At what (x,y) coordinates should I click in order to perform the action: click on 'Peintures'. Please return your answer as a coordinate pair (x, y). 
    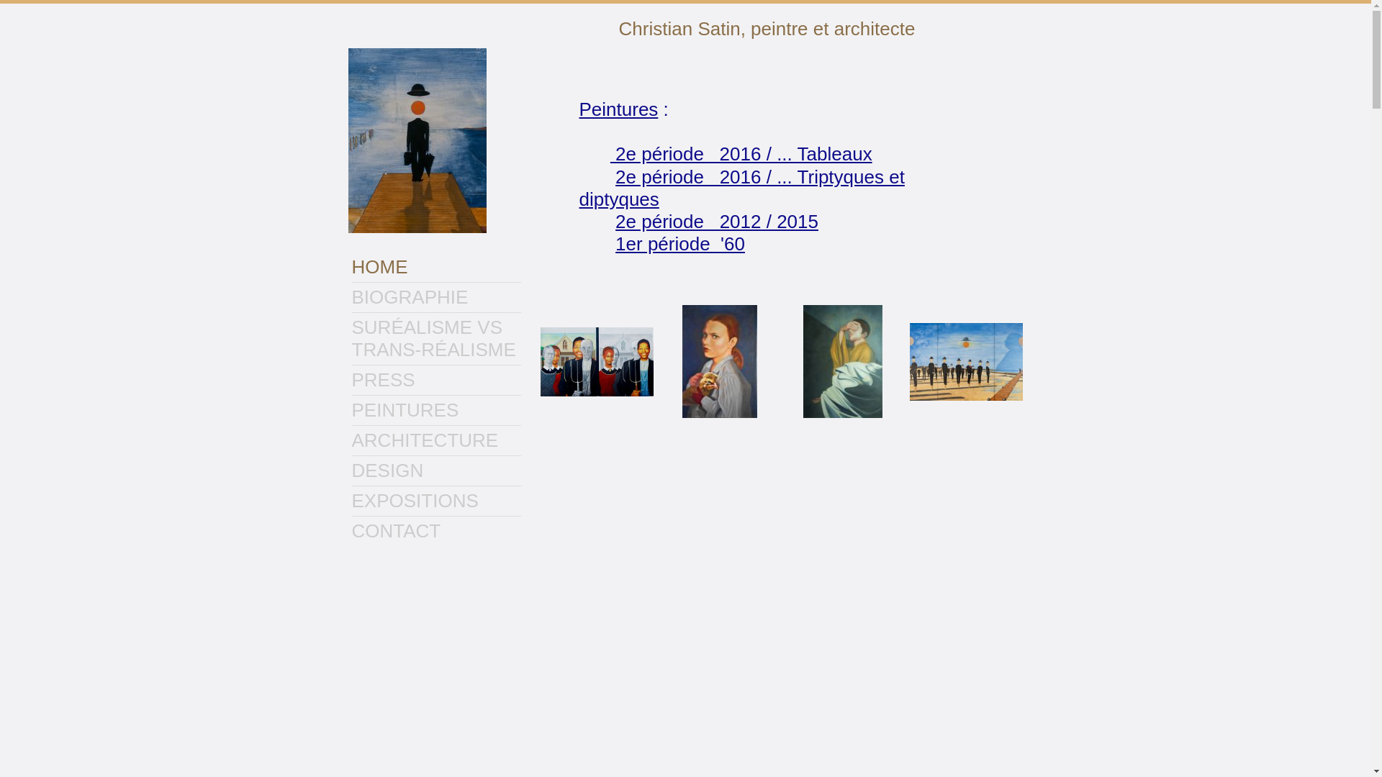
    Looking at the image, I should click on (618, 108).